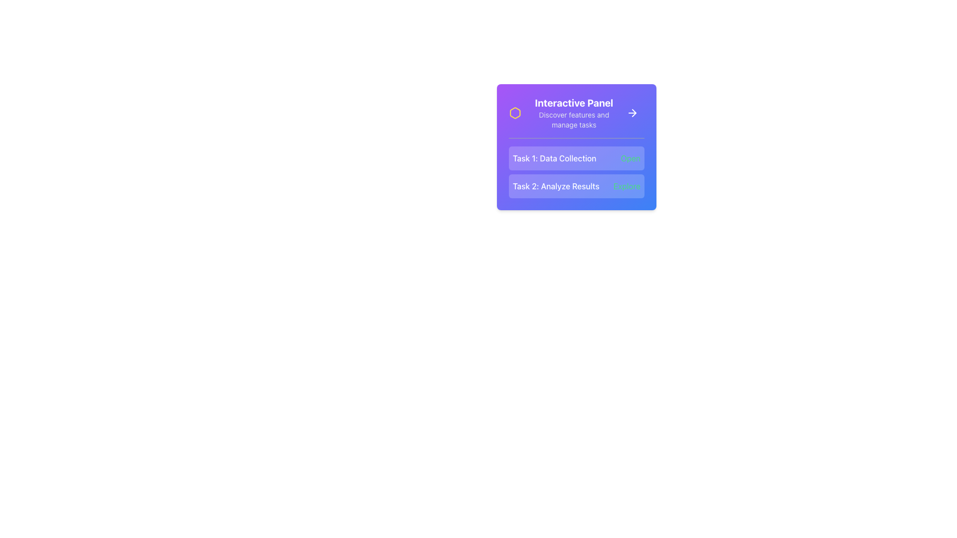  I want to click on the text label element that contains 'Task 2: Analyze Results', which is the second item in a vertical list within a card, presented in white on a blue background, so click(555, 186).